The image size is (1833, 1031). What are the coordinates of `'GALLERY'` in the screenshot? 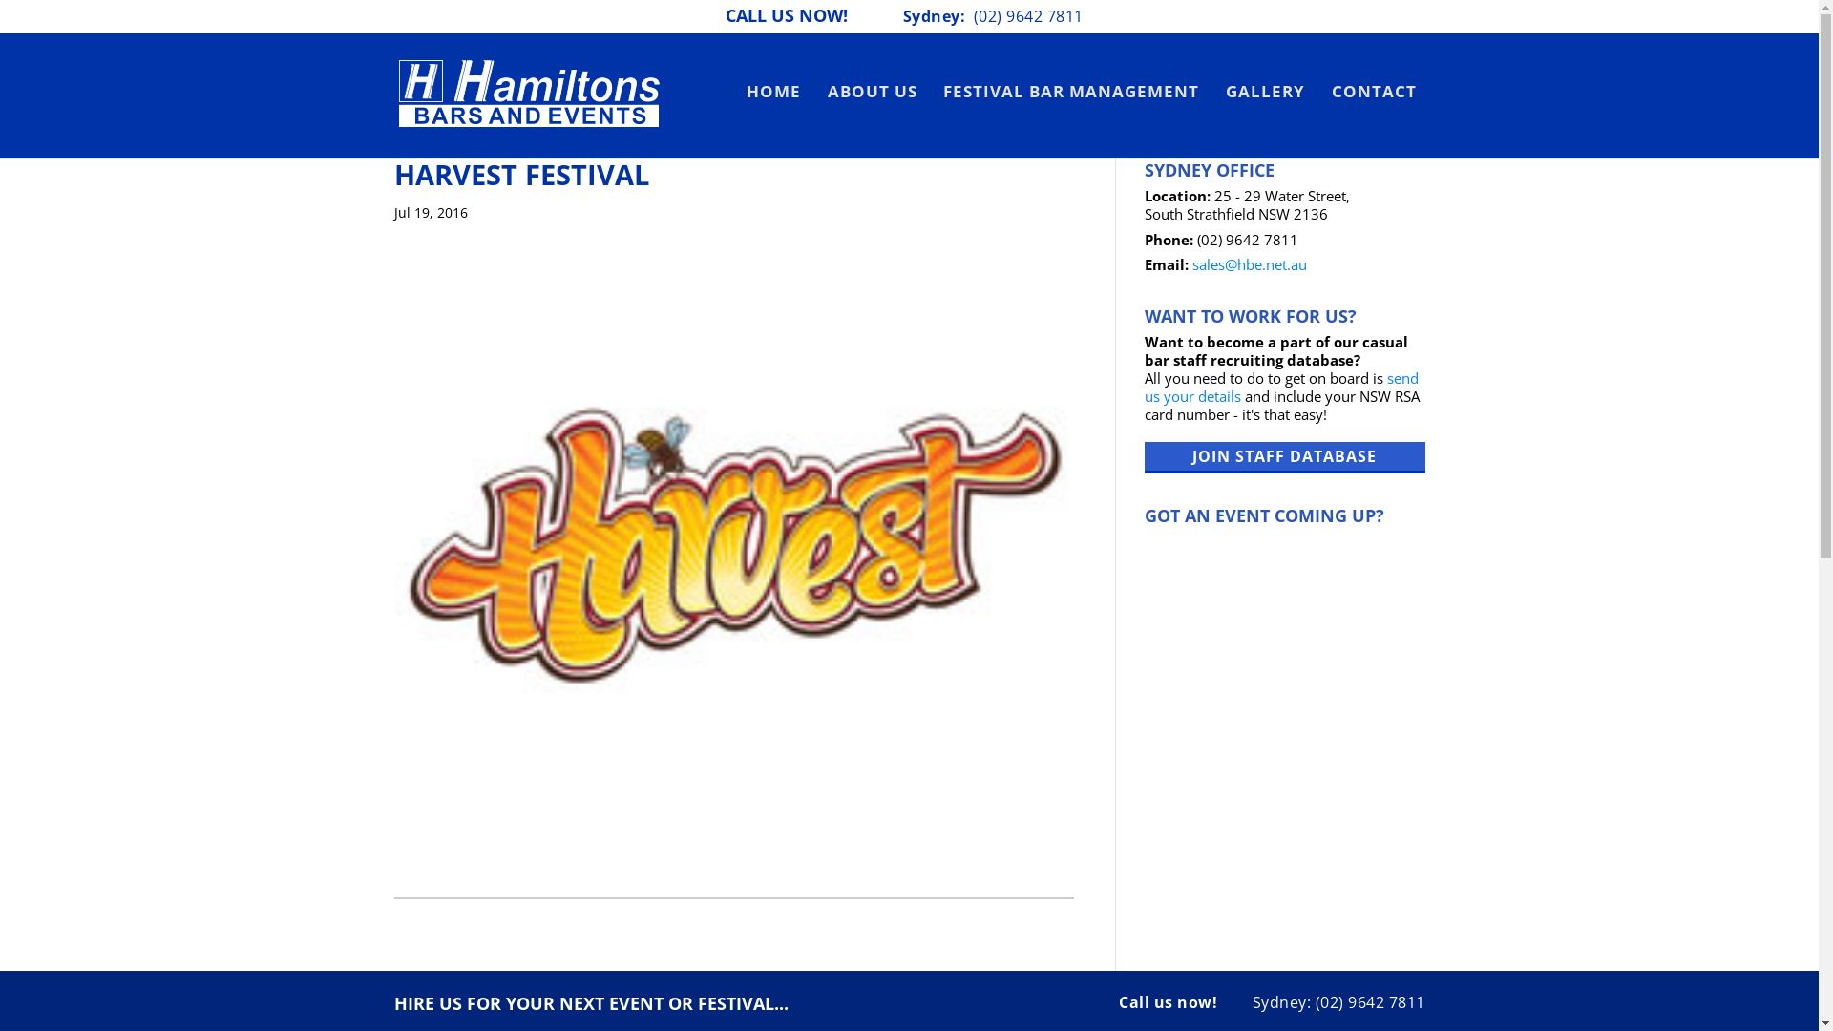 It's located at (1265, 94).